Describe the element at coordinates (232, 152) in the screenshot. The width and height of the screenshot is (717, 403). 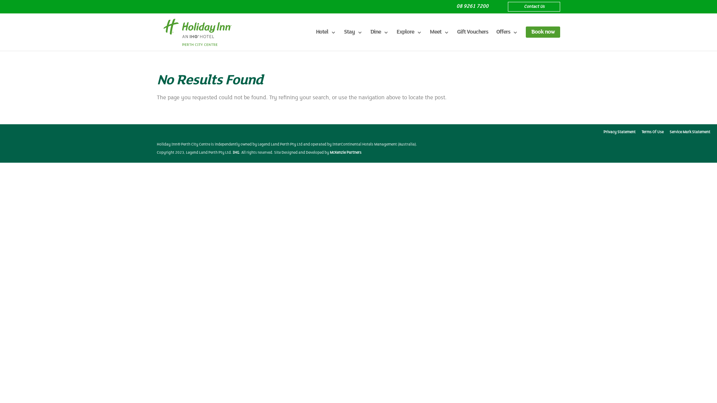
I see `'IHG'` at that location.